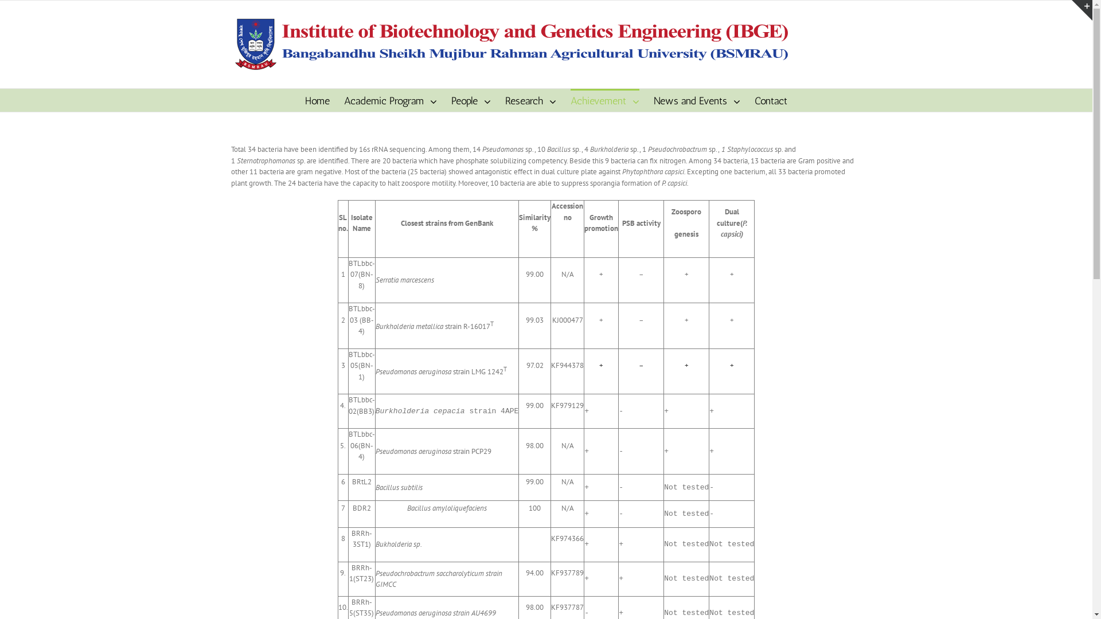 The width and height of the screenshot is (1101, 619). Describe the element at coordinates (471, 99) in the screenshot. I see `'People'` at that location.